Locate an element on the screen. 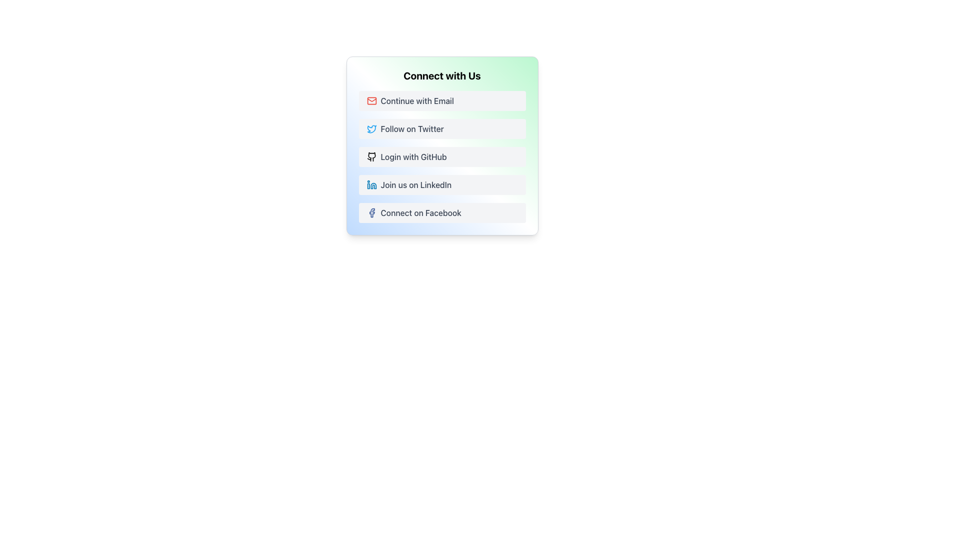  the 'Connect on Facebook' text label, which is a medium, gray font label at the bottom-left of a card, following the 'Join us on LinkedIn' button is located at coordinates (421, 212).